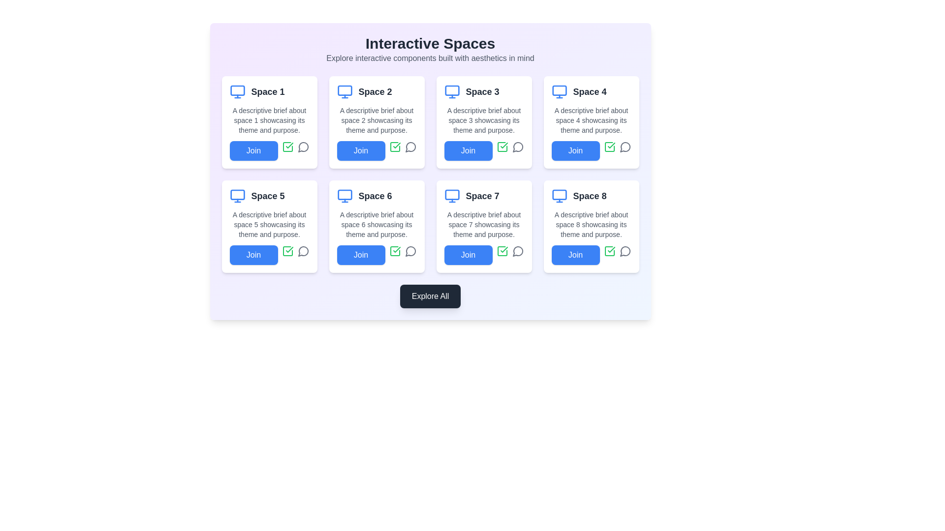 The width and height of the screenshot is (945, 531). Describe the element at coordinates (375, 196) in the screenshot. I see `the label that serves as the title for the 'Interactive Spaces' section, located in the second row, second column of a grid layout` at that location.